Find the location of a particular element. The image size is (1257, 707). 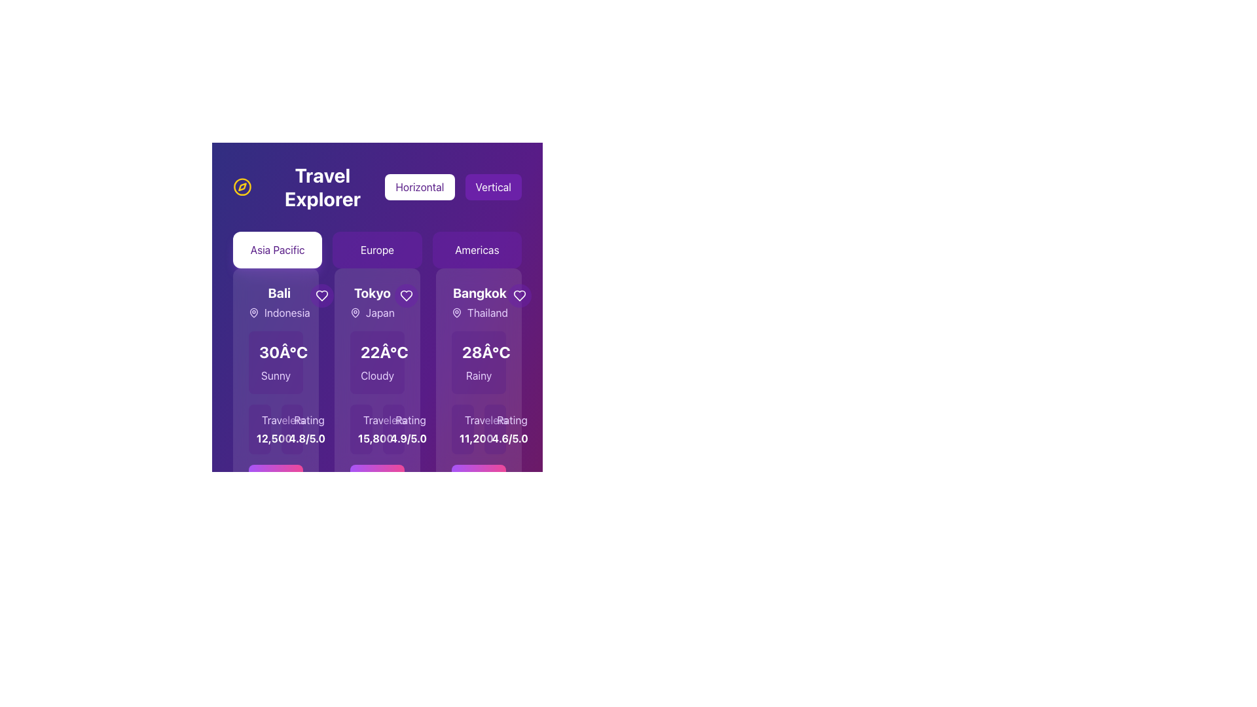

the button labeled 'Europe' is located at coordinates (376, 249).